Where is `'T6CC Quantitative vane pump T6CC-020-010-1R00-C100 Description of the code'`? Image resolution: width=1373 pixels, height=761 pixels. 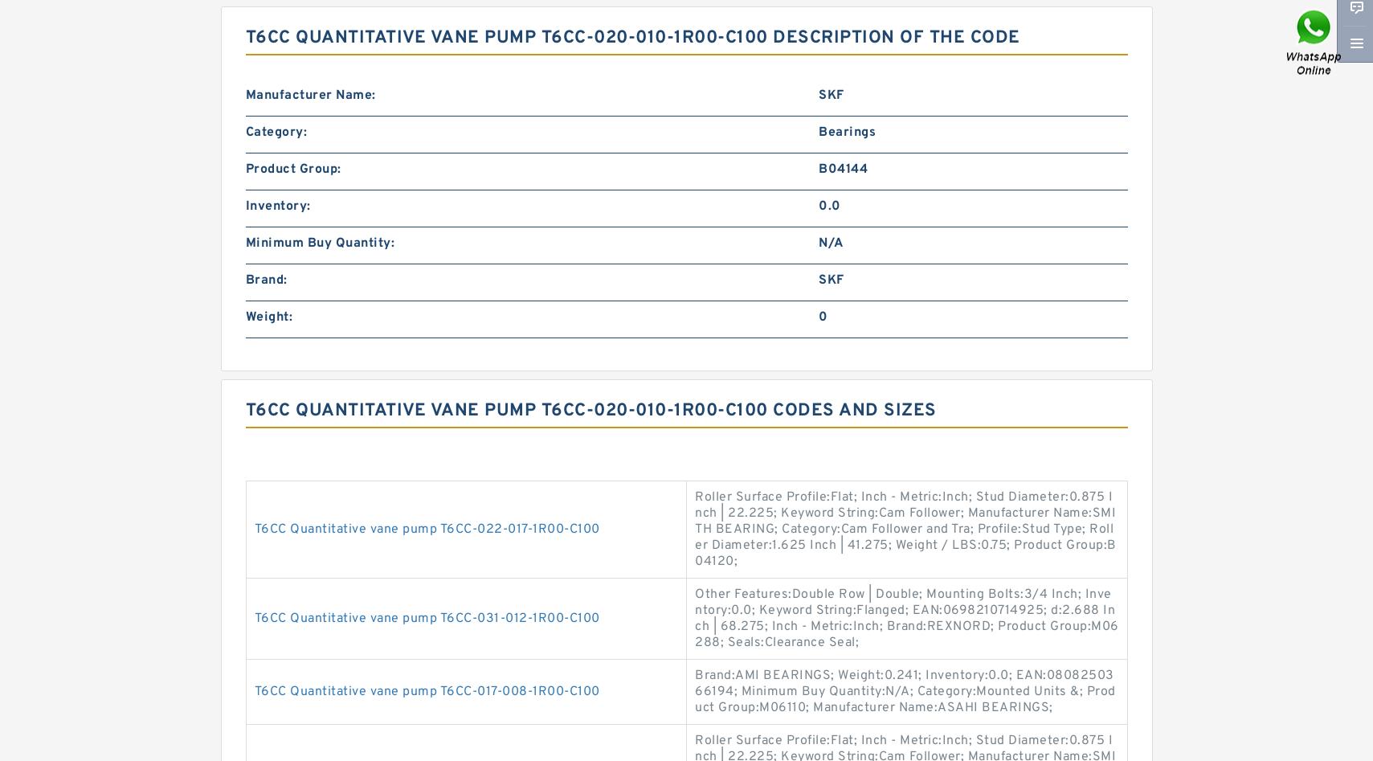
'T6CC Quantitative vane pump T6CC-020-010-1R00-C100 Description of the code' is located at coordinates (244, 38).